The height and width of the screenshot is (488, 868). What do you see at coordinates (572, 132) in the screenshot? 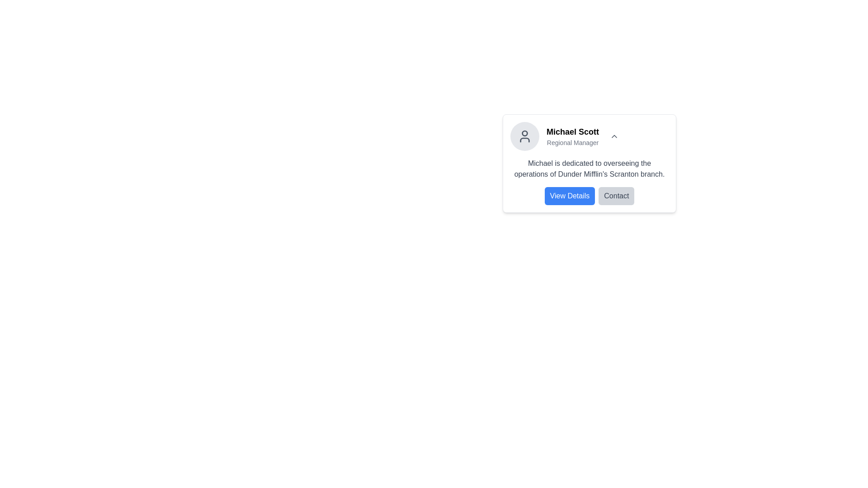
I see `the bolded text label 'Michael Scott' positioned above the designation label 'Regional Manager' in the card layout` at bounding box center [572, 132].